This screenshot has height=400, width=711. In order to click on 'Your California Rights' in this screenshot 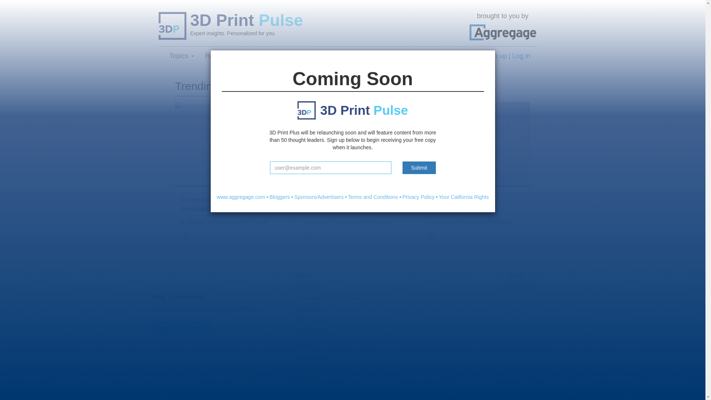, I will do `click(463, 197)`.